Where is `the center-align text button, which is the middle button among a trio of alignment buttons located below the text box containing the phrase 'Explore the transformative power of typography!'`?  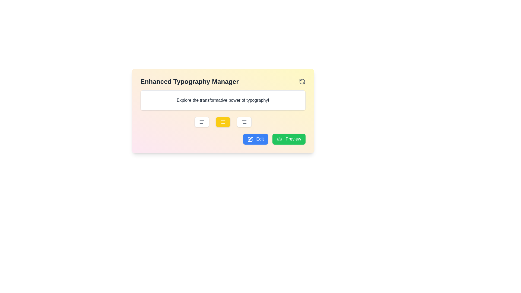 the center-align text button, which is the middle button among a trio of alignment buttons located below the text box containing the phrase 'Explore the transformative power of typography!' is located at coordinates (223, 117).